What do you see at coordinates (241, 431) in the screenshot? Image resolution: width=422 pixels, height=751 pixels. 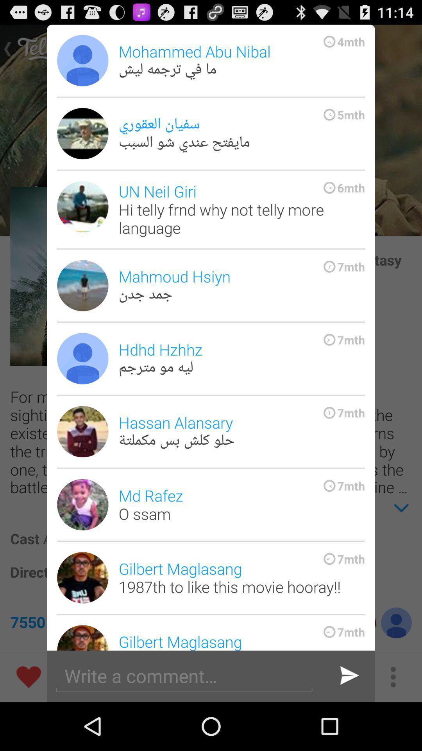 I see `the item above the md rafez o item` at bounding box center [241, 431].